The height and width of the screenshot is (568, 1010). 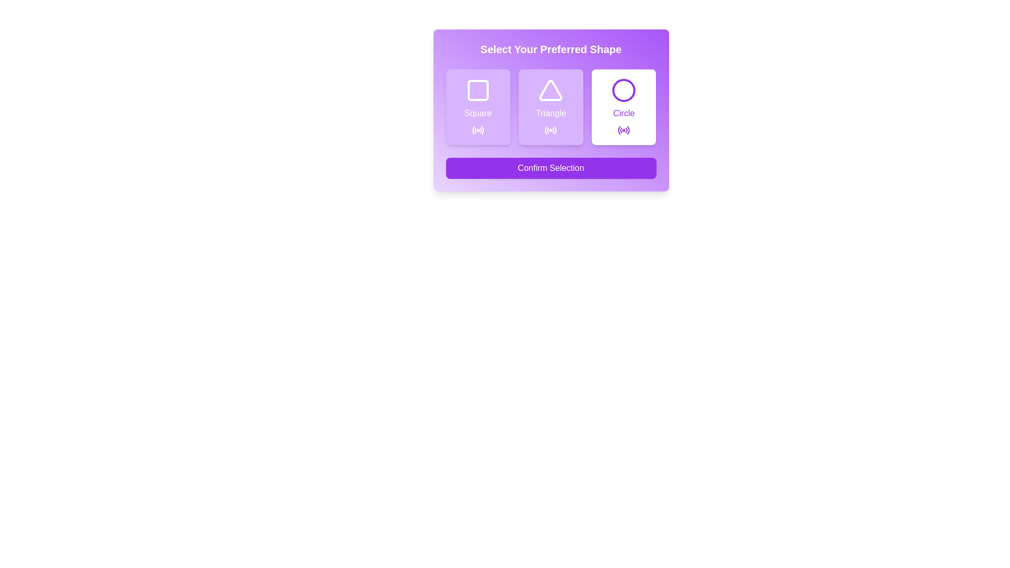 I want to click on the Text label that identifies the card as 'Square', located at the bottom of the leftmost card in a horizontal selection group of three cards, so click(x=477, y=114).